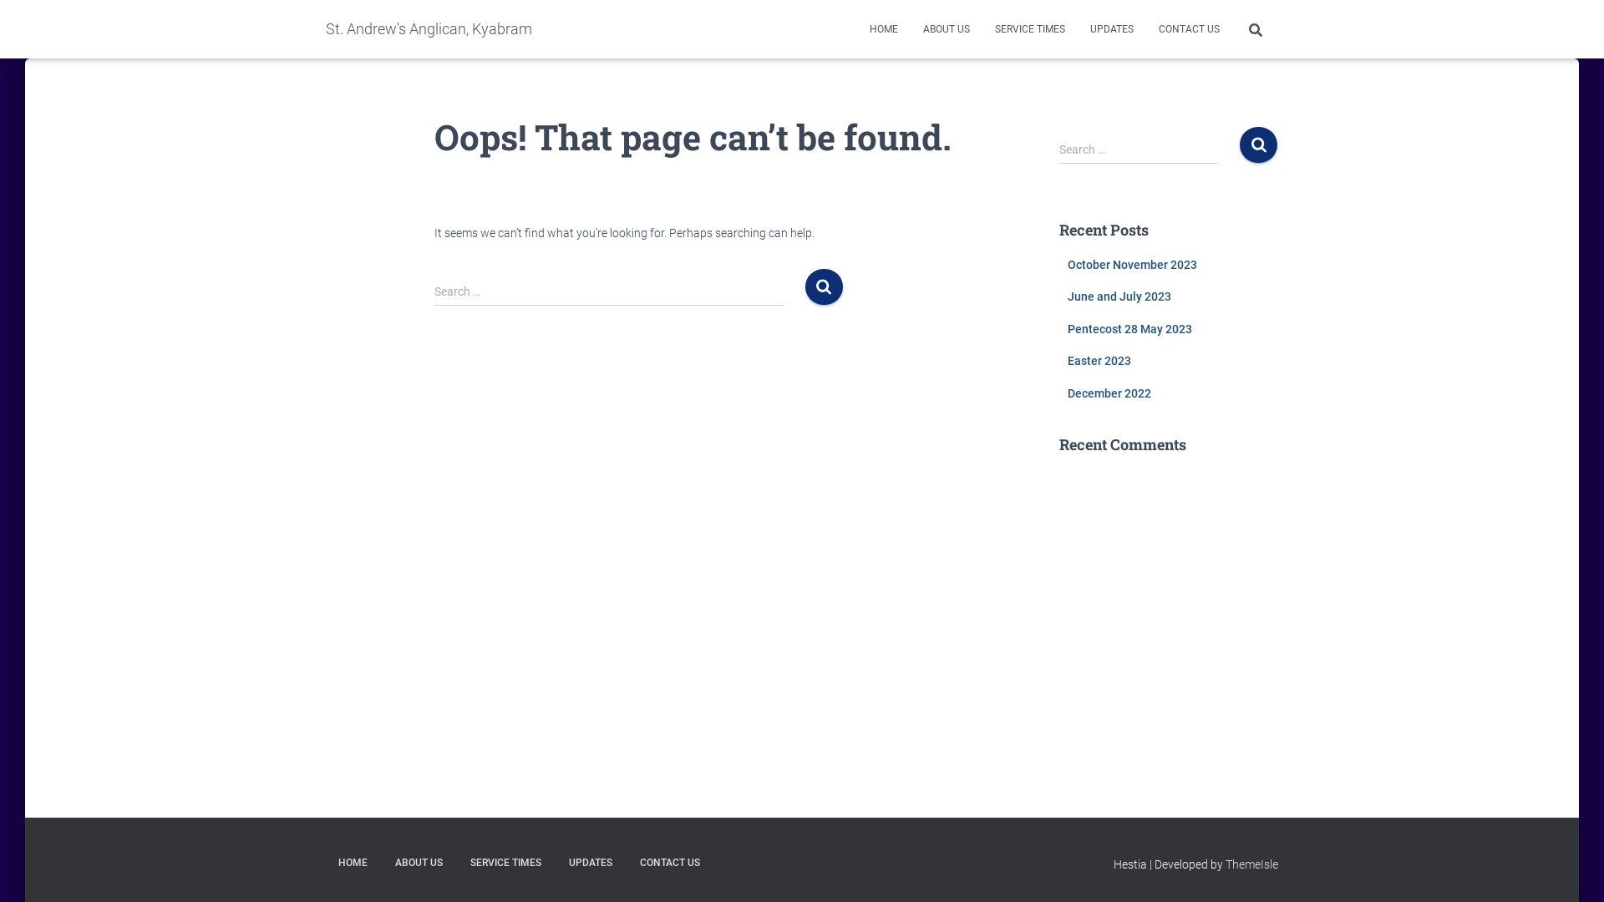 Image resolution: width=1604 pixels, height=902 pixels. I want to click on 'October November 2023', so click(1132, 263).